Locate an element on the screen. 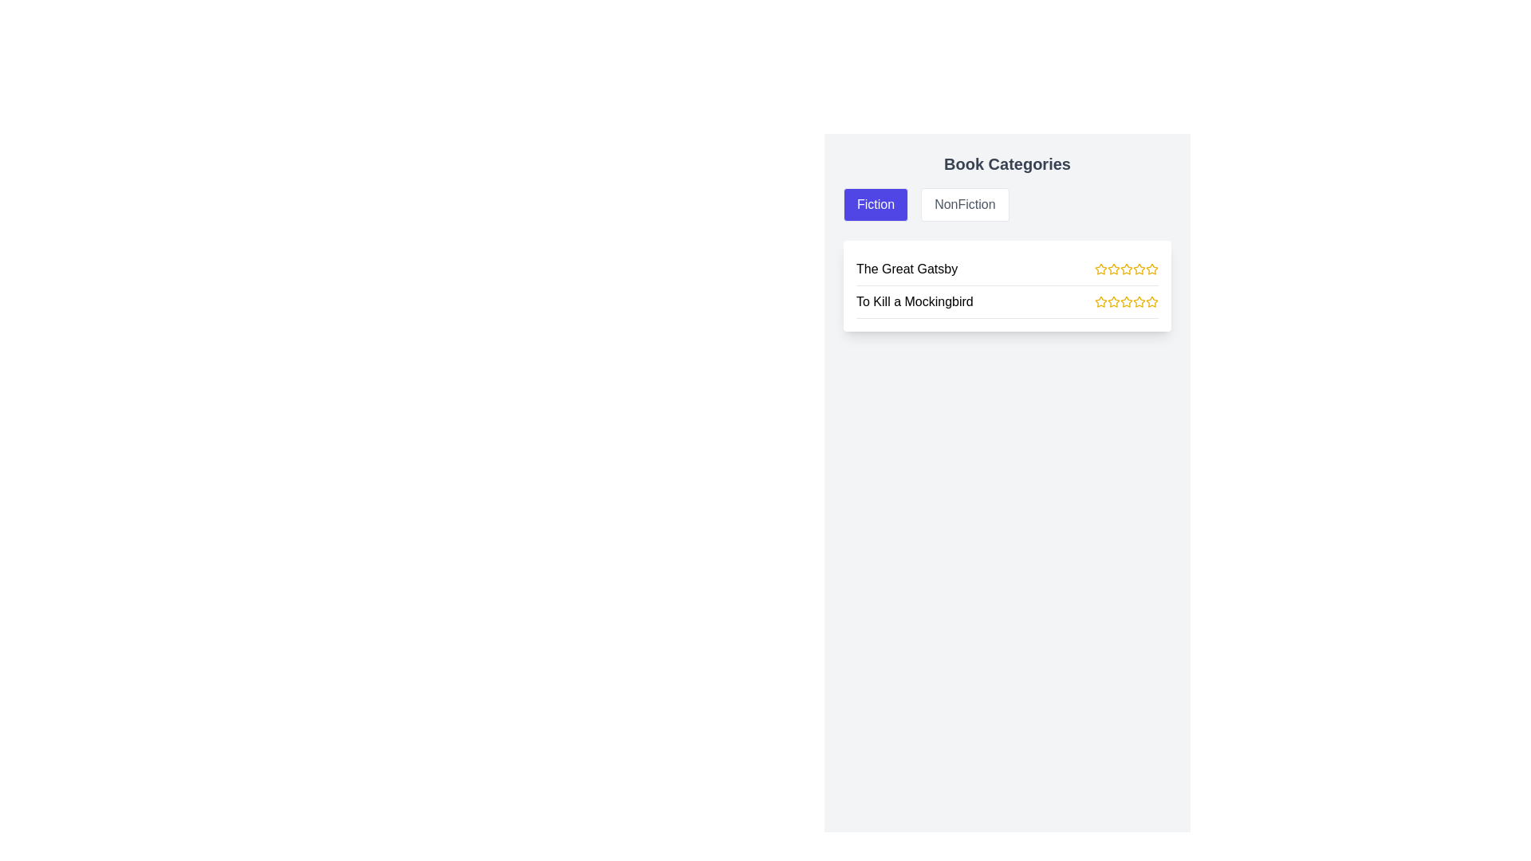 This screenshot has width=1531, height=861. the first star-shaped icon is located at coordinates (1112, 268).